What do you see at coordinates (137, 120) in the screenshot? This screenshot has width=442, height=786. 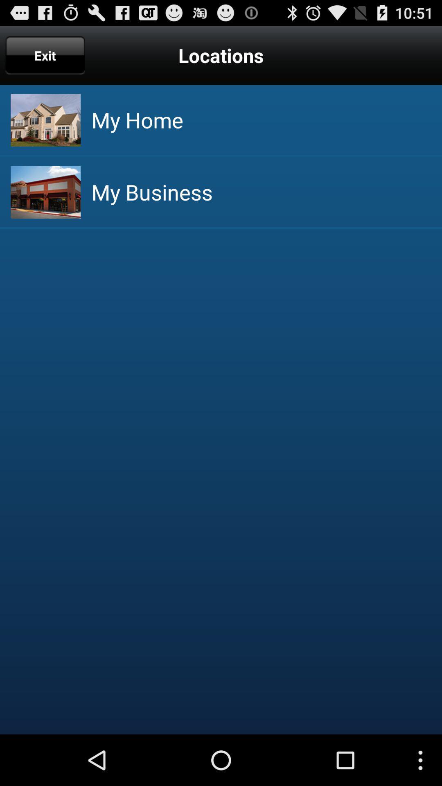 I see `the icon below the locations` at bounding box center [137, 120].